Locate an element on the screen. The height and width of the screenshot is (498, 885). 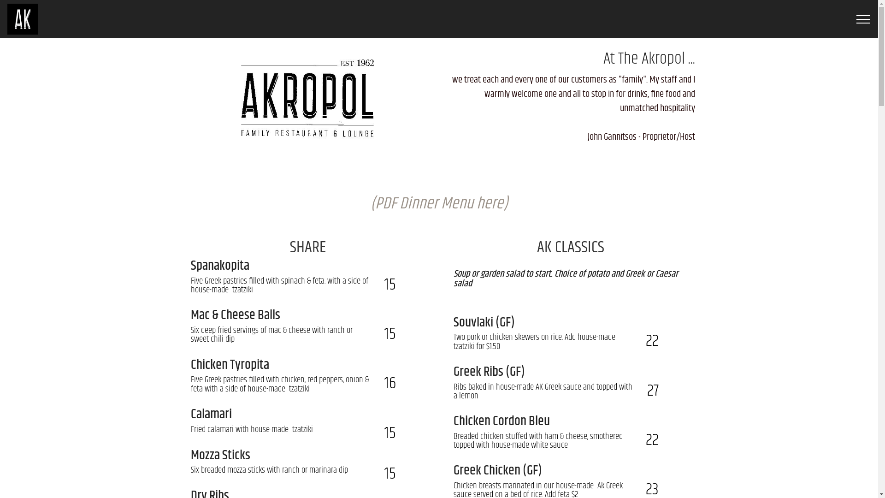
'(PDF Dinner Menu here)' is located at coordinates (439, 203).